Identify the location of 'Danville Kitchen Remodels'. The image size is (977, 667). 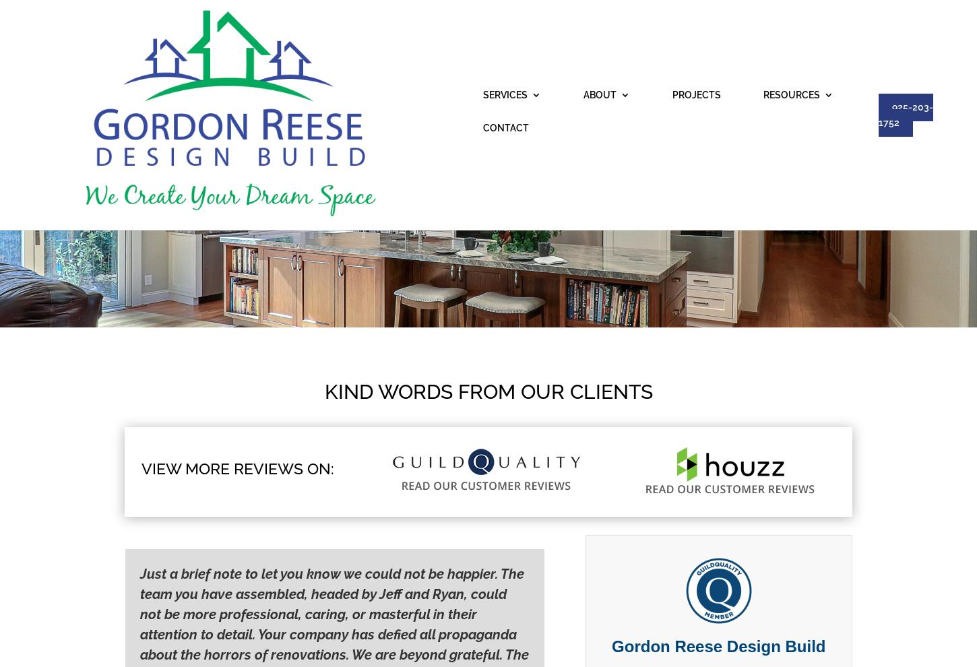
(501, 240).